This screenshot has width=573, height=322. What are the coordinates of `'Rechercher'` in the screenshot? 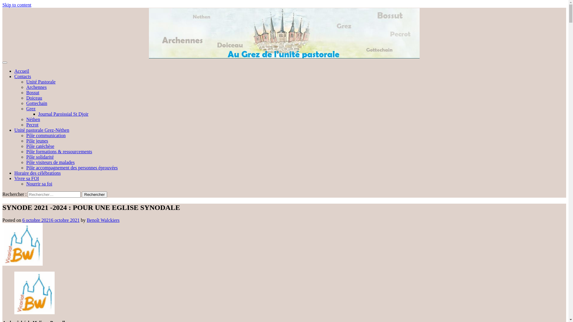 It's located at (94, 194).